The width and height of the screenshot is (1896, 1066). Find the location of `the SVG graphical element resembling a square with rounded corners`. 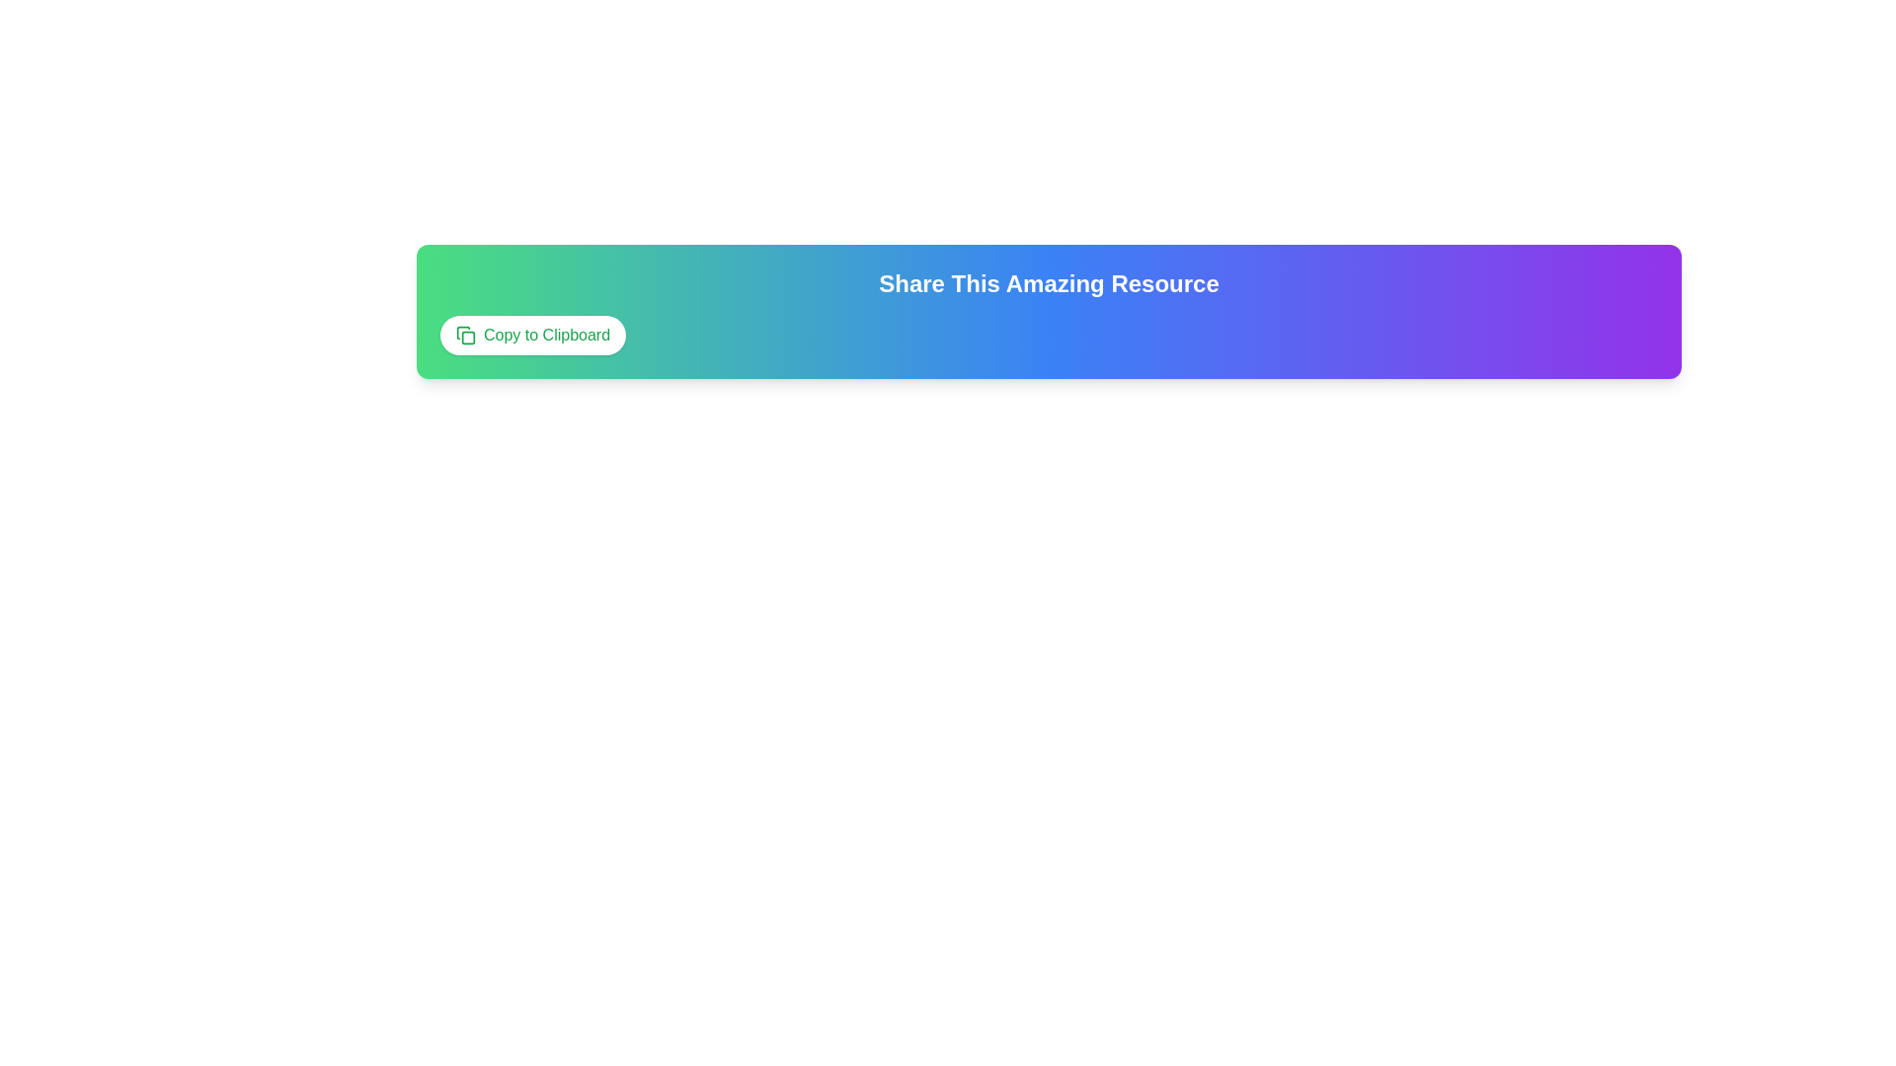

the SVG graphical element resembling a square with rounded corners is located at coordinates (467, 337).